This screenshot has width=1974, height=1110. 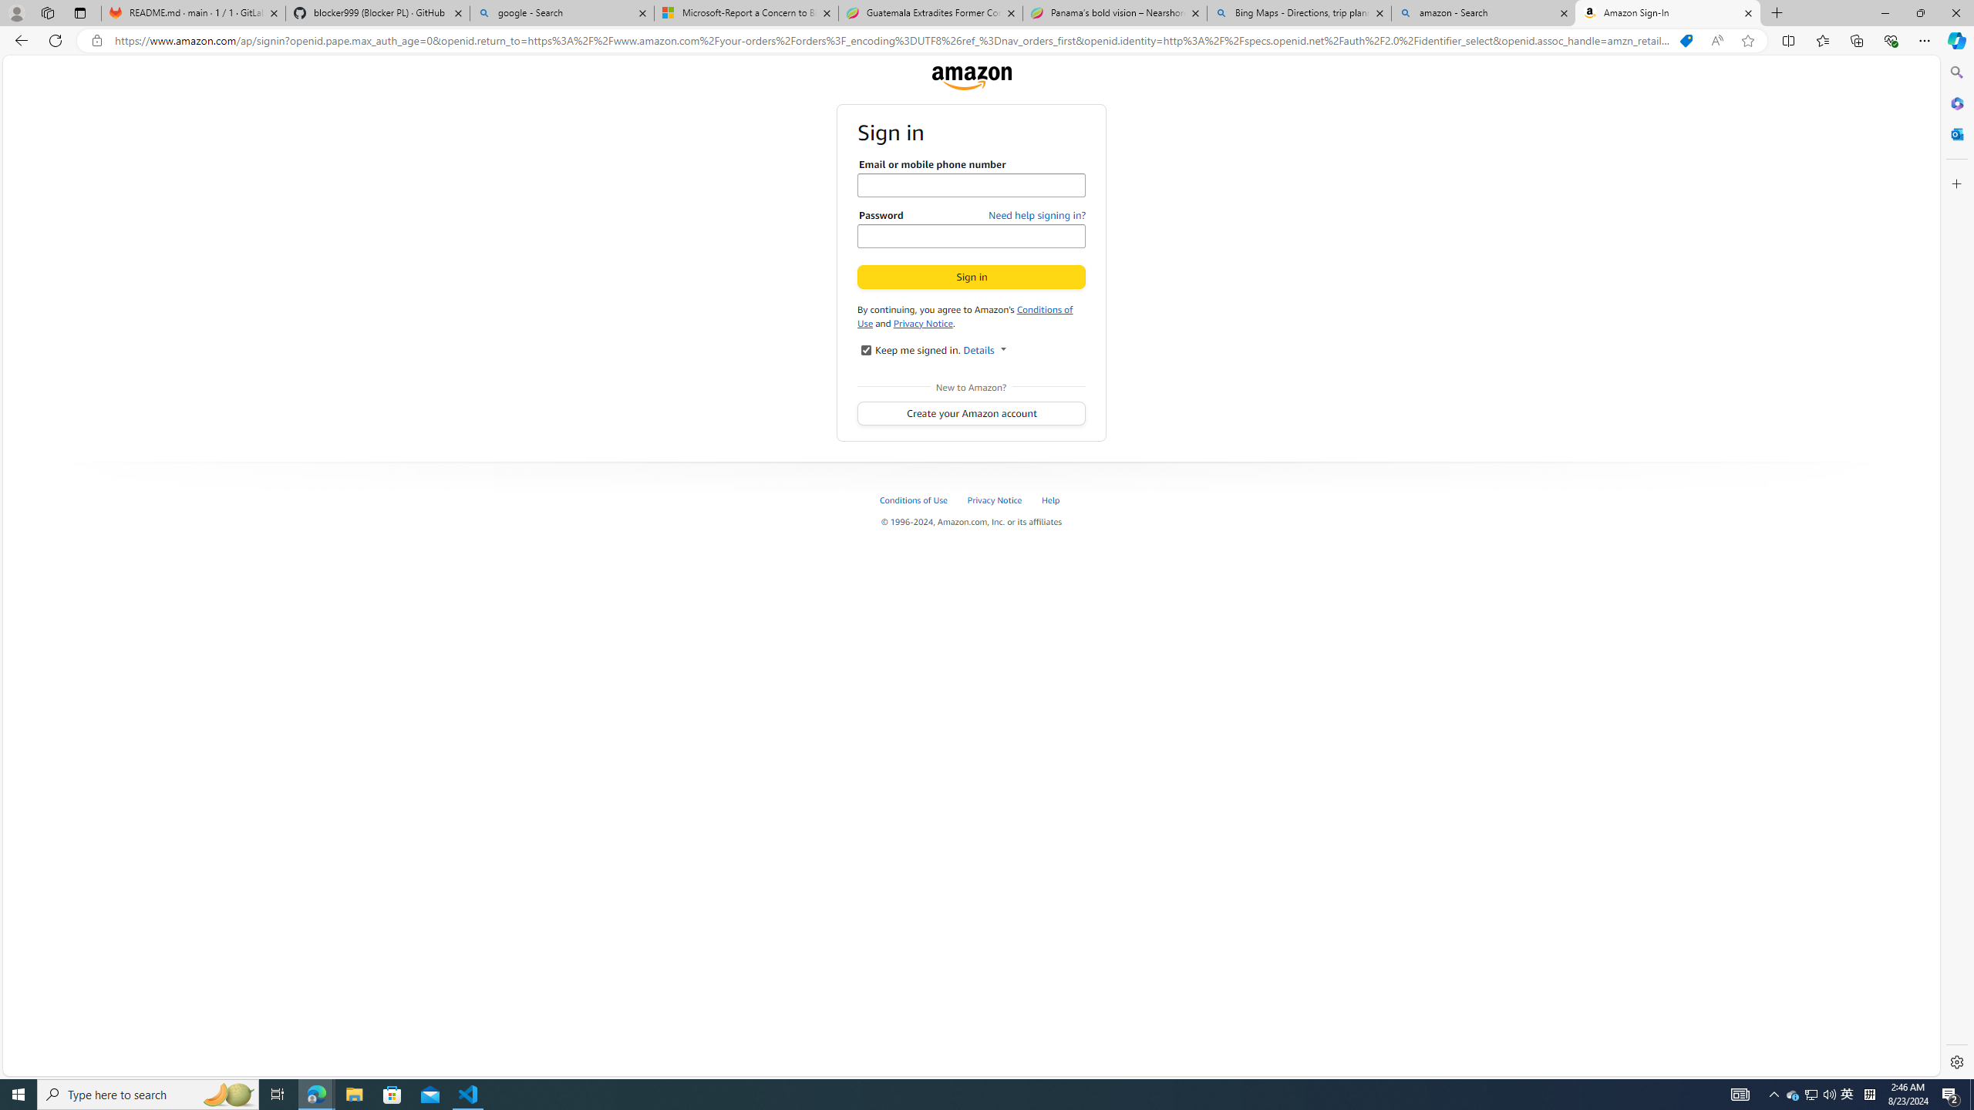 What do you see at coordinates (914, 499) in the screenshot?
I see `'Conditions of Use '` at bounding box center [914, 499].